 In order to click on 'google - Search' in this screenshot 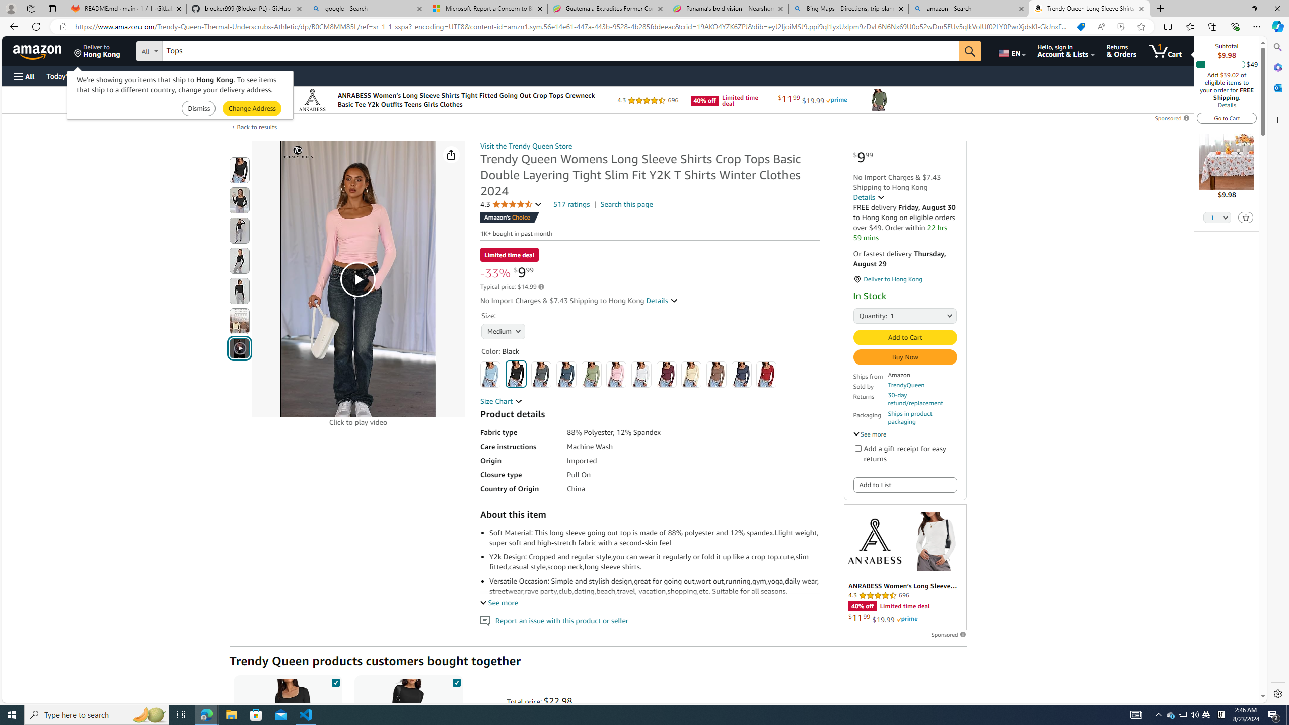, I will do `click(367, 8)`.